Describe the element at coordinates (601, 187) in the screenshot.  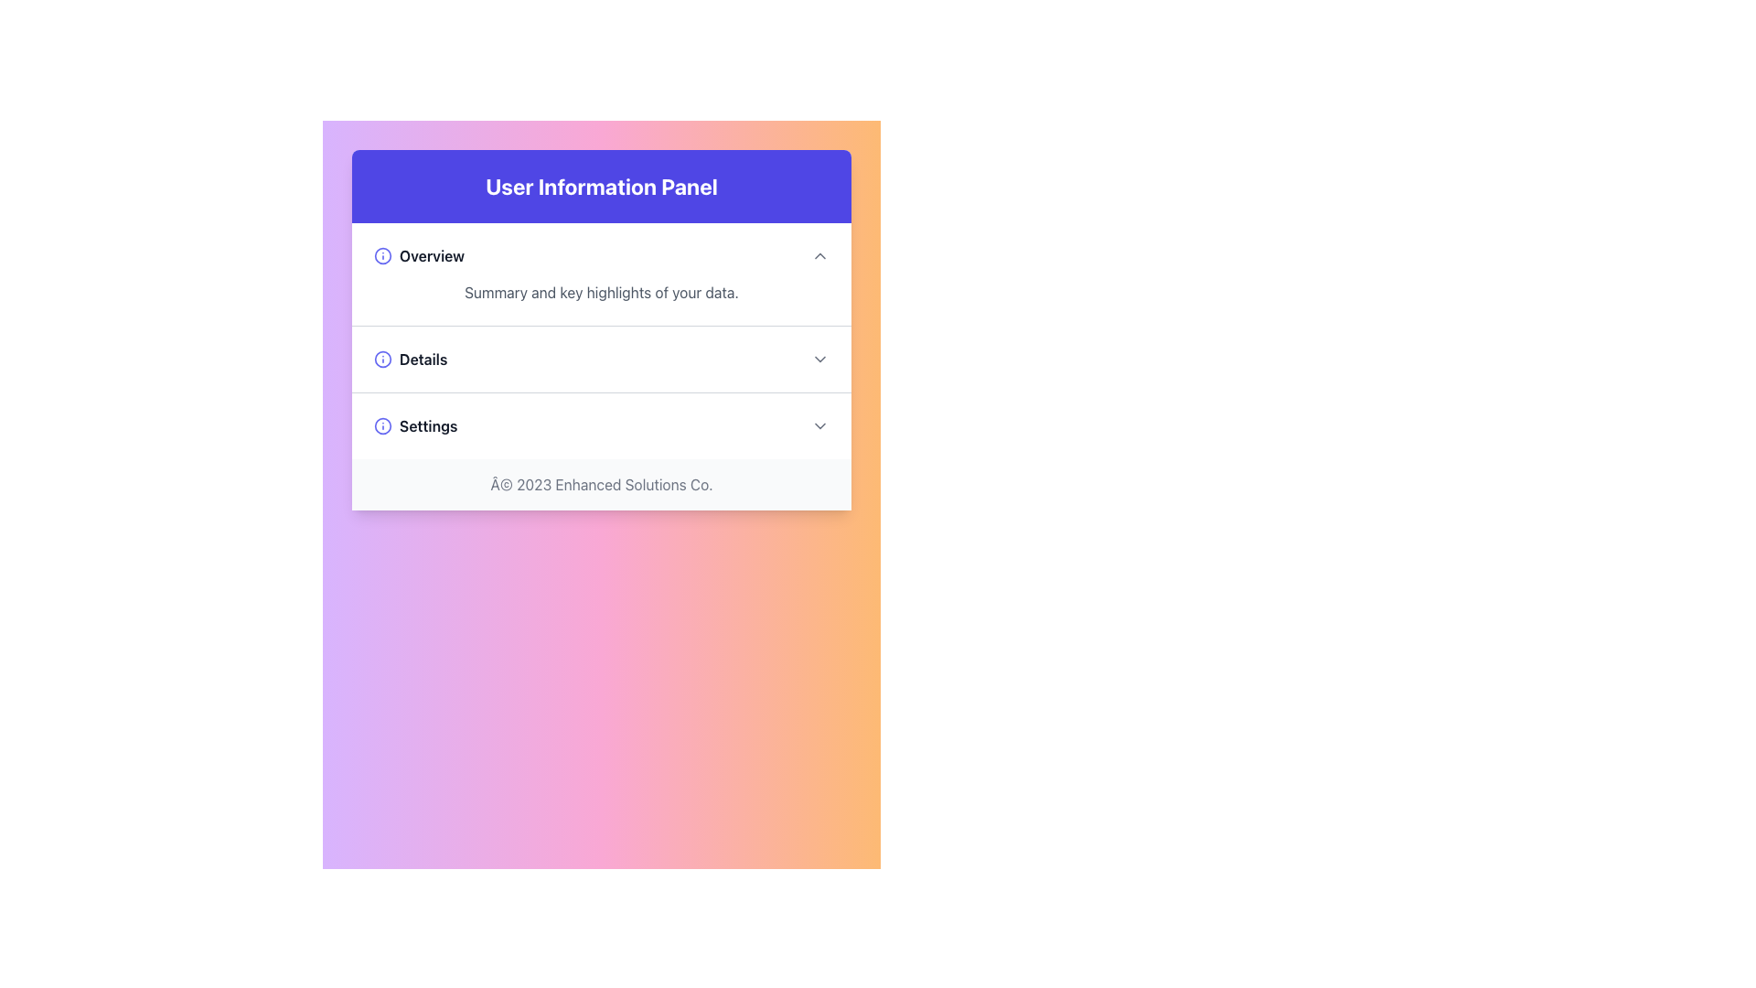
I see `the Static text header element that serves as the title for the 'User Information Panel'` at that location.